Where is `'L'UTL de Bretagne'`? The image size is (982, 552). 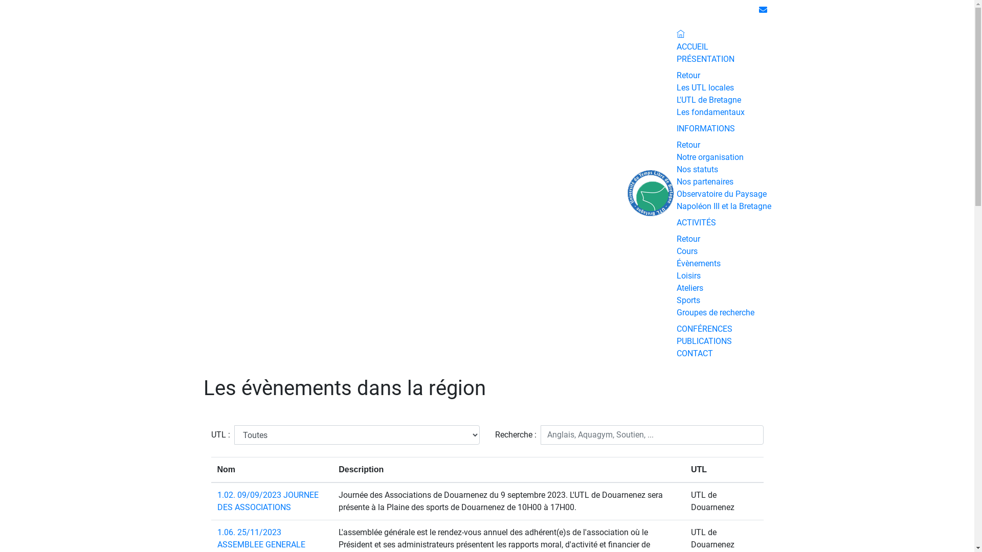 'L'UTL de Bretagne' is located at coordinates (708, 100).